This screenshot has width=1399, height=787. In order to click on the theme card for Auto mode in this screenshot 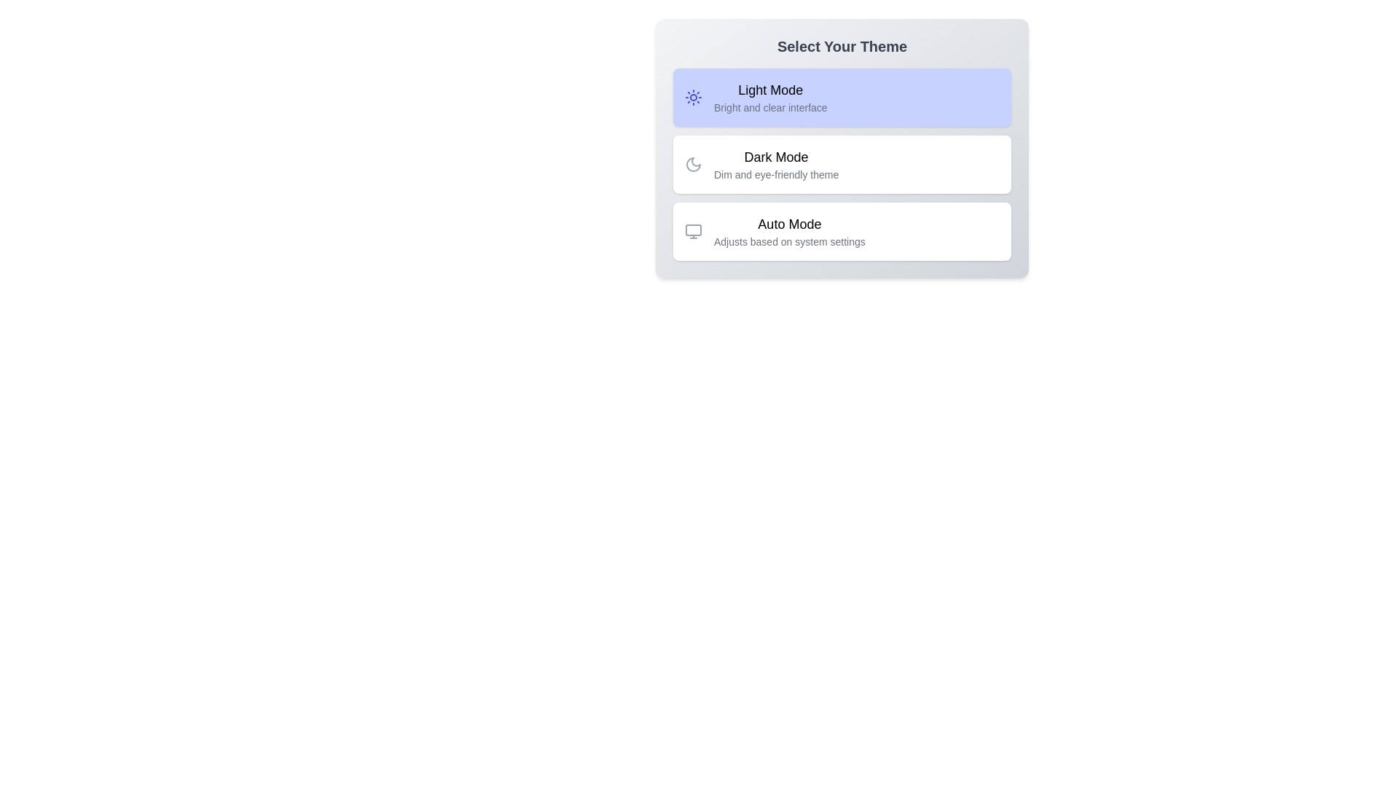, I will do `click(842, 230)`.